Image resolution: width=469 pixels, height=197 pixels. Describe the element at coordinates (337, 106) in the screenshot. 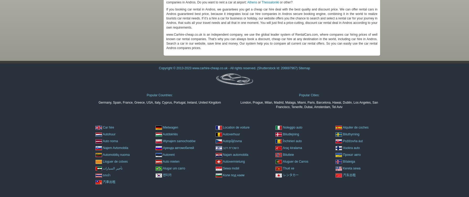

I see `'Tel Aviv'` at that location.